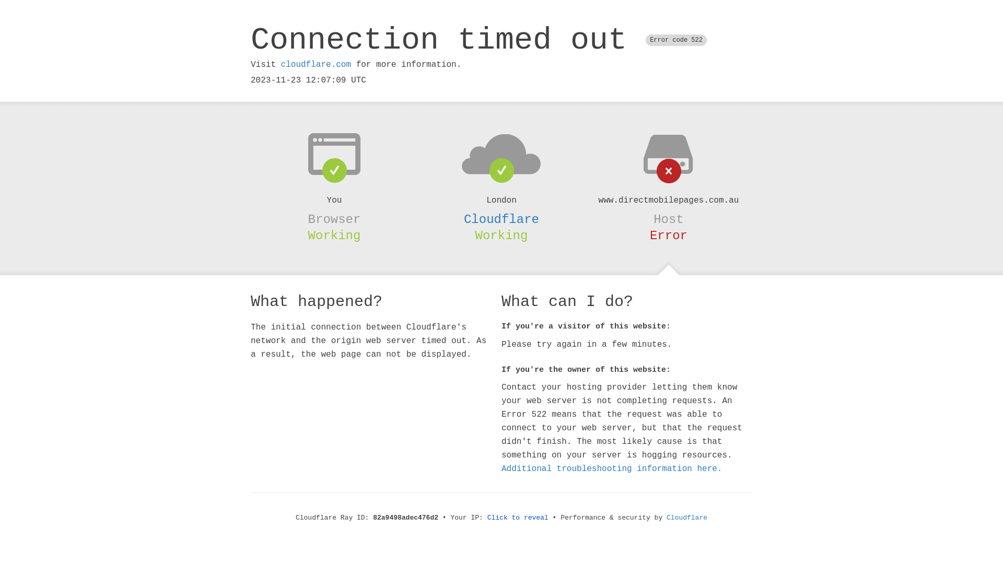 The height and width of the screenshot is (564, 1003). I want to click on 'Cloudflare', so click(666, 518).